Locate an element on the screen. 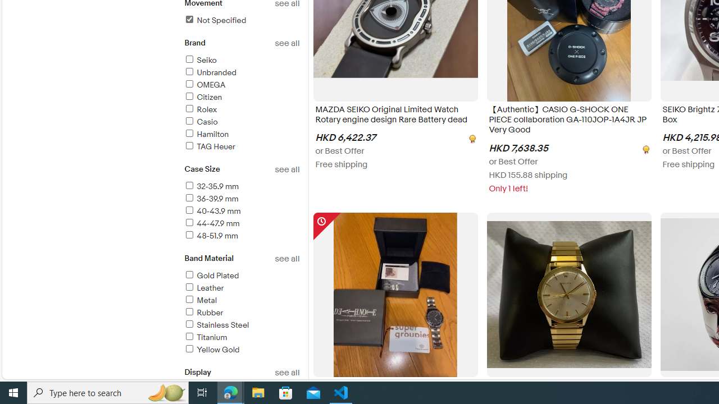 The width and height of the screenshot is (719, 404). '48-51.9 mm' is located at coordinates (241, 236).